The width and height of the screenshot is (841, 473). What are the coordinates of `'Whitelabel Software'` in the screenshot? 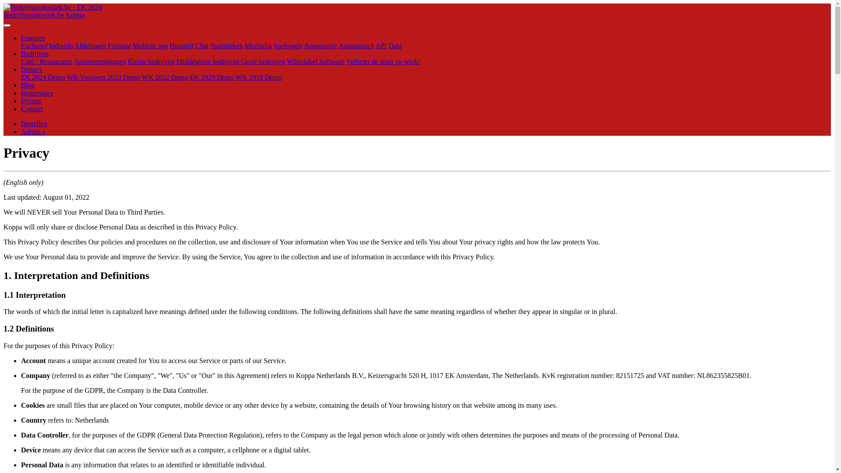 It's located at (315, 61).